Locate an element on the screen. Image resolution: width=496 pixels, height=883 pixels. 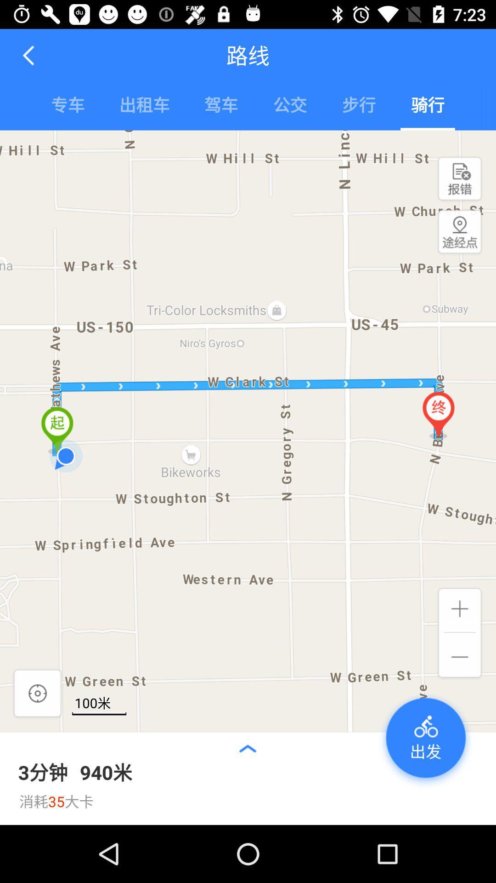
the arrow_backward icon is located at coordinates (29, 55).